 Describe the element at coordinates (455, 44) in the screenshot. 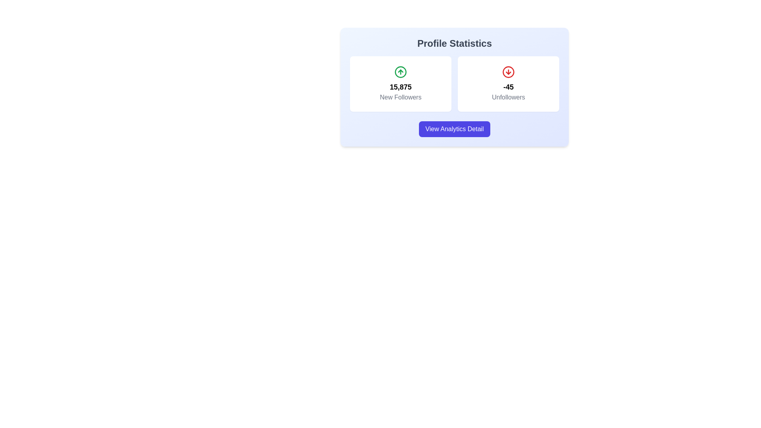

I see `text content of the 'Profile Statistics' header label, which is displayed in a bold, large font style at the top of the card structure containing follower and analytics information` at that location.